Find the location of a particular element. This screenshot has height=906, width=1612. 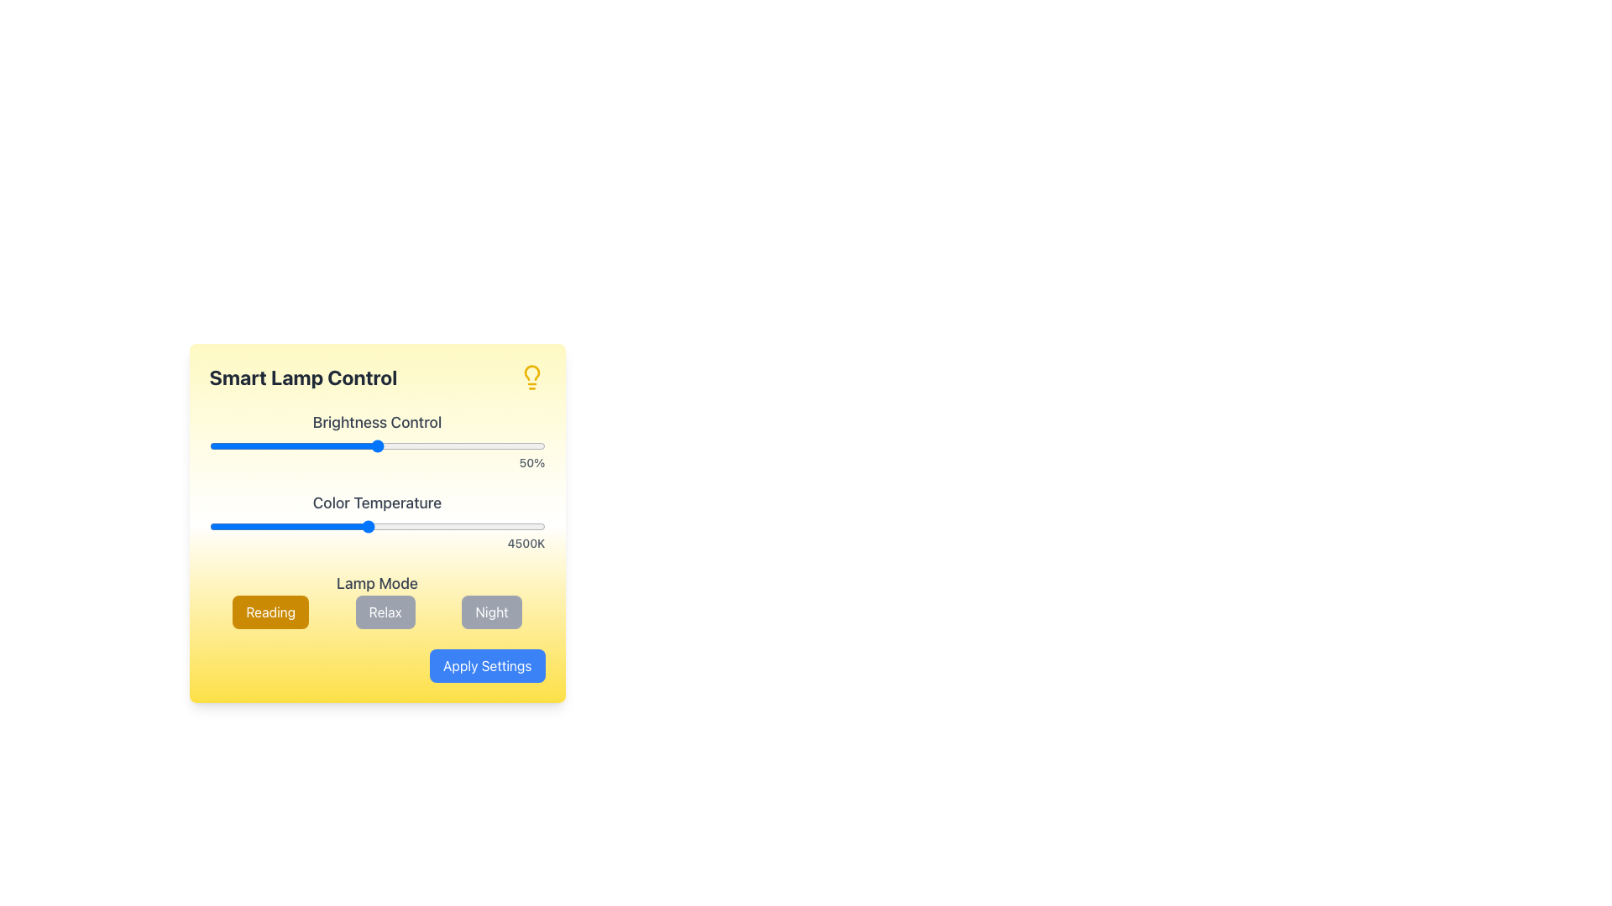

the lightbulb icon in the 'Smart Lamp Control' interface, which is a yellow vector graphic positioned in the top-right section, aligned horizontally with the title 'Smart Lamp Control' is located at coordinates (531, 377).